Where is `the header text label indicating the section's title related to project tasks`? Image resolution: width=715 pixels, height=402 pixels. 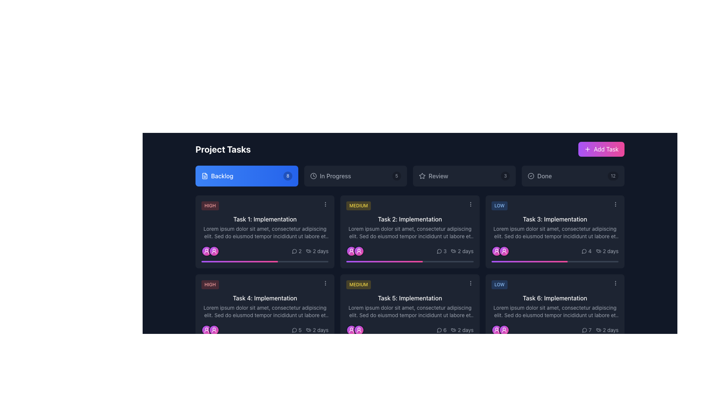
the header text label indicating the section's title related to project tasks is located at coordinates (223, 149).